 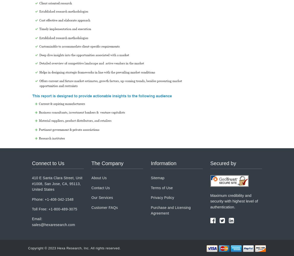 I want to click on 'The Company', so click(x=107, y=163).